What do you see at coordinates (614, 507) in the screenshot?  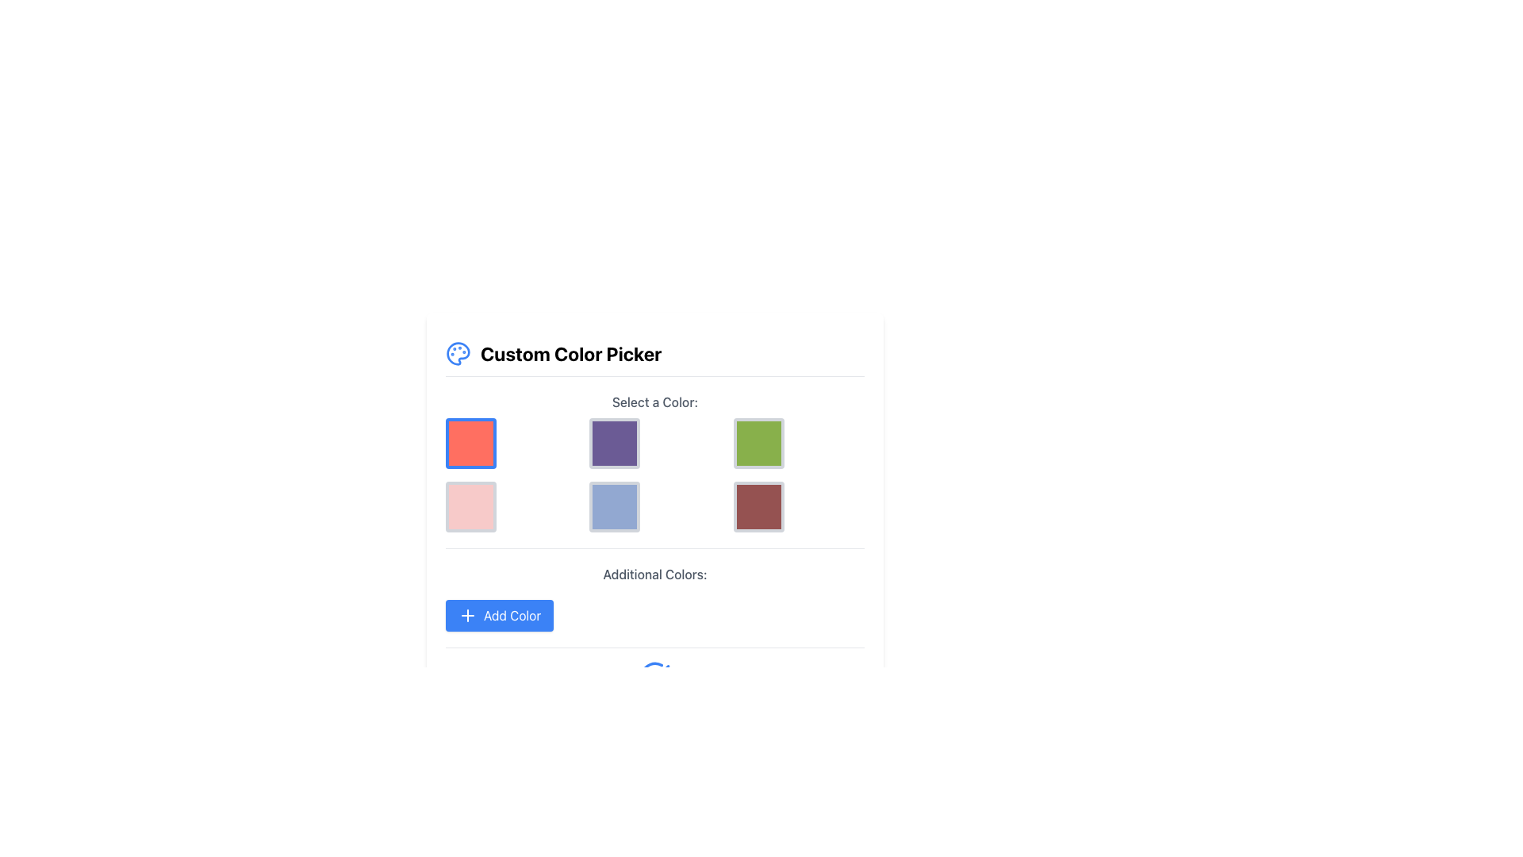 I see `the light indigo color option button located in the second row, center column of the 'Select a Color' grid` at bounding box center [614, 507].